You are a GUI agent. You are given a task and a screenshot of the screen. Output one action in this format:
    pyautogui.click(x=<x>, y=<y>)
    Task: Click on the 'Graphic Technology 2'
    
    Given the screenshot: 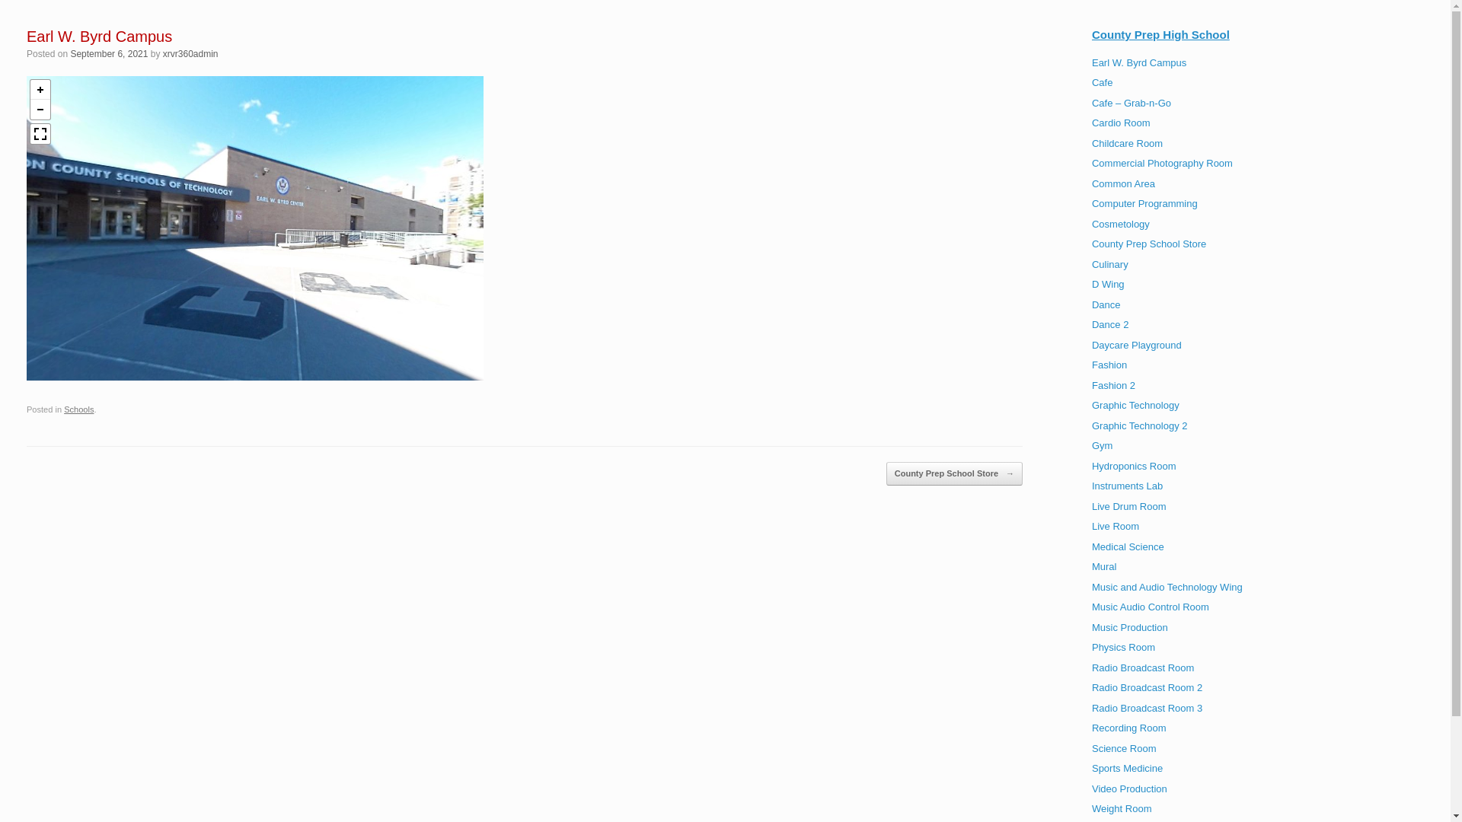 What is the action you would take?
    pyautogui.click(x=1140, y=425)
    